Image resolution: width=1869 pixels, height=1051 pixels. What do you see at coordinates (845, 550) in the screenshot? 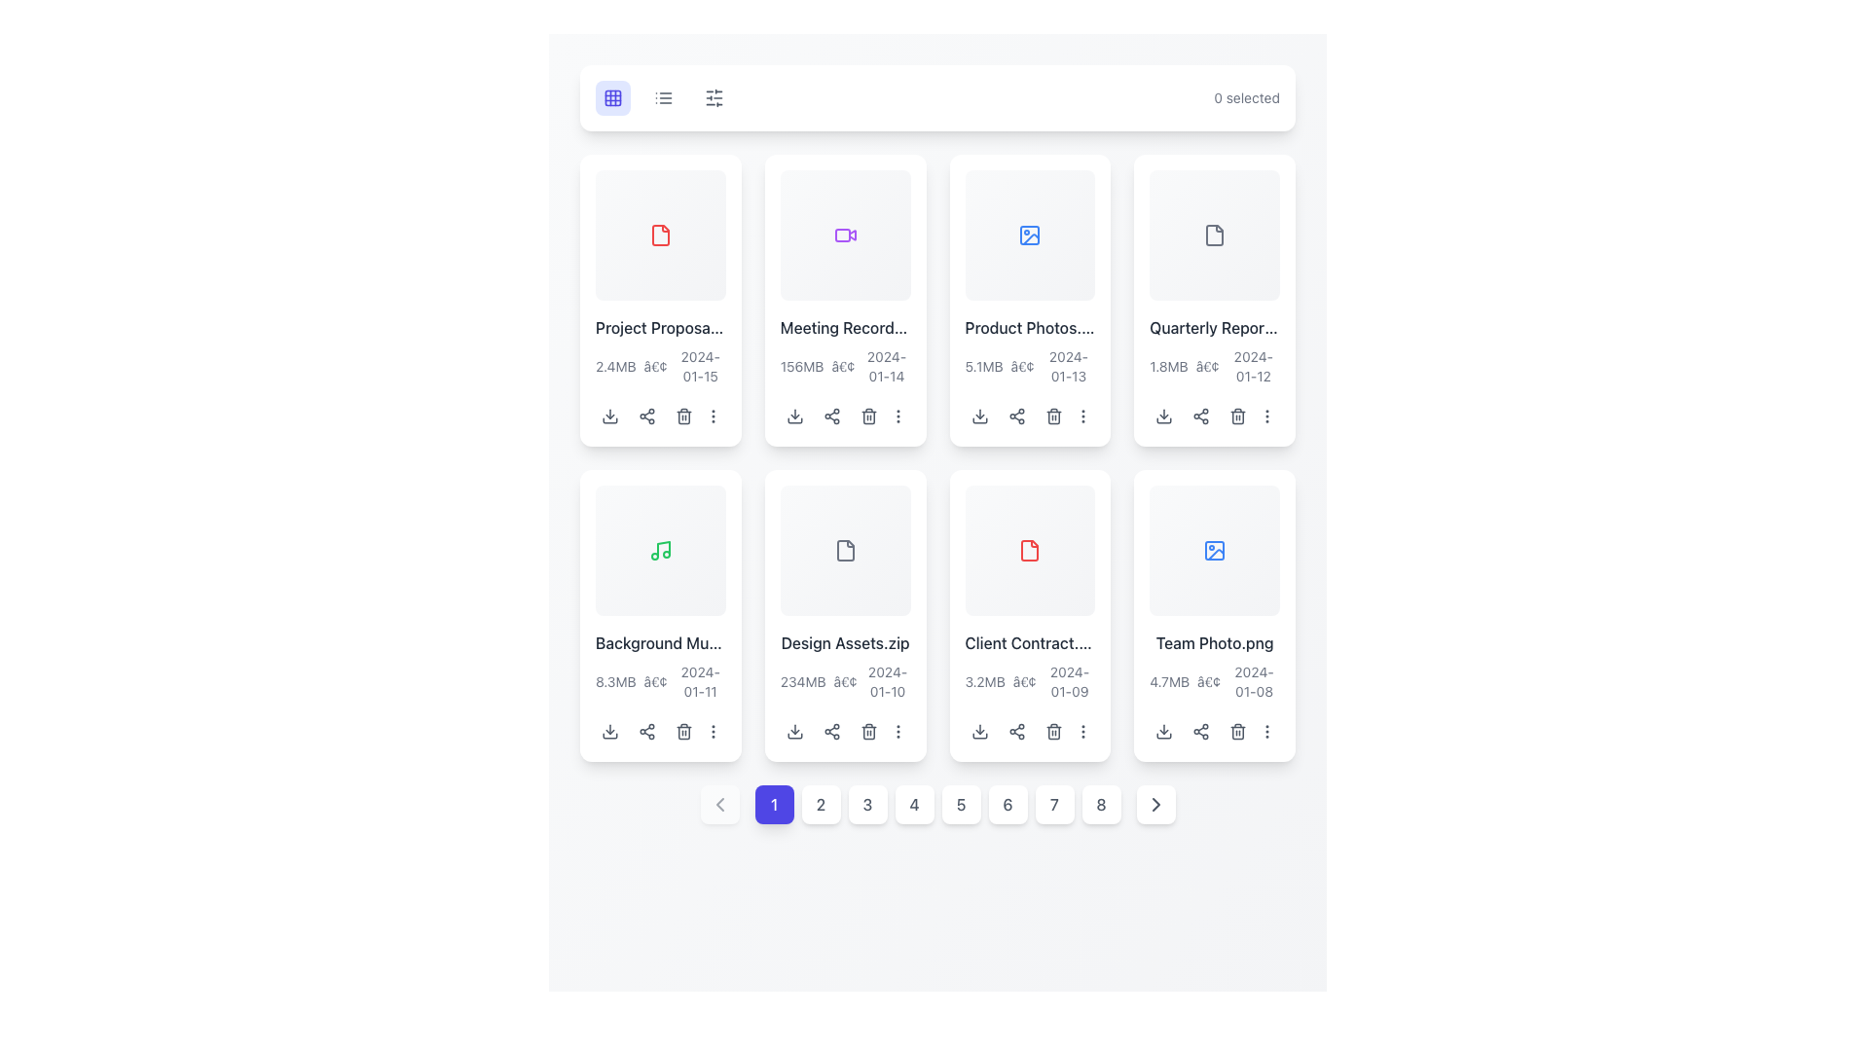
I see `the file icon located in the fourth card of the top row in the grid layout, which visually indicates the type or category of the associated file` at bounding box center [845, 550].